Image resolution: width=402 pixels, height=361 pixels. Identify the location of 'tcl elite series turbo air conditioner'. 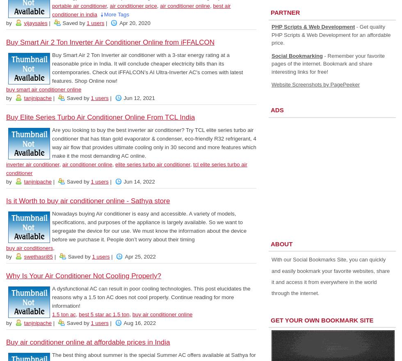
(126, 168).